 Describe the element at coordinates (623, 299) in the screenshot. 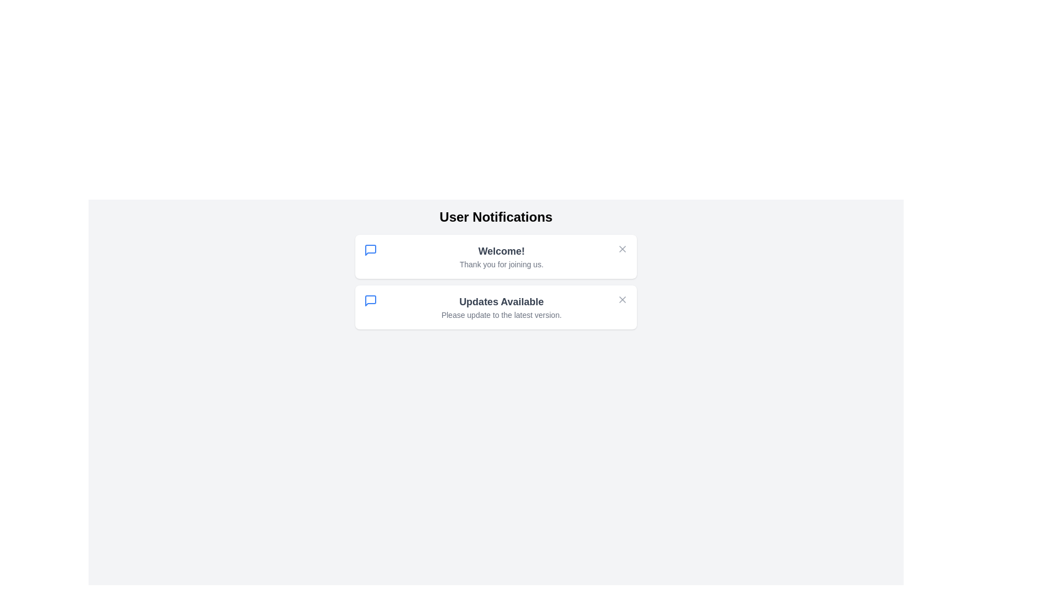

I see `the close icon (an 'X' shape) within the second notification box` at that location.